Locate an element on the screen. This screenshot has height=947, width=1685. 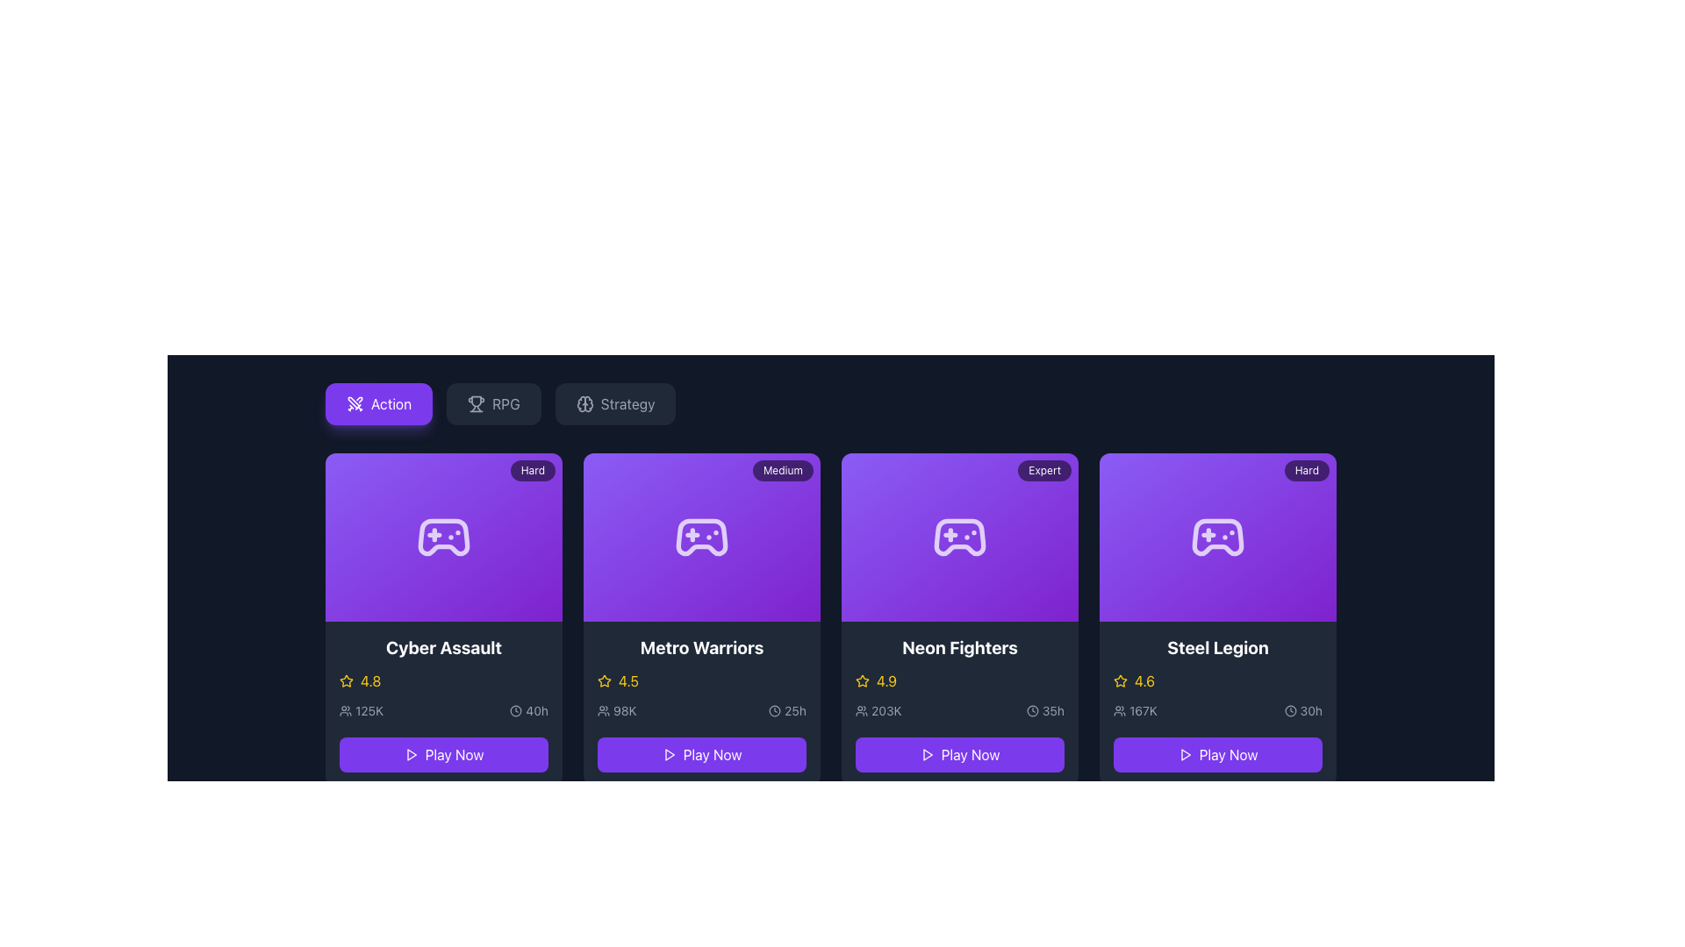
the triangular 'play' icon located within the 'Play Now' button of the 'Steel Legion' card, which is the right-most card in a series of four is located at coordinates (1186, 753).